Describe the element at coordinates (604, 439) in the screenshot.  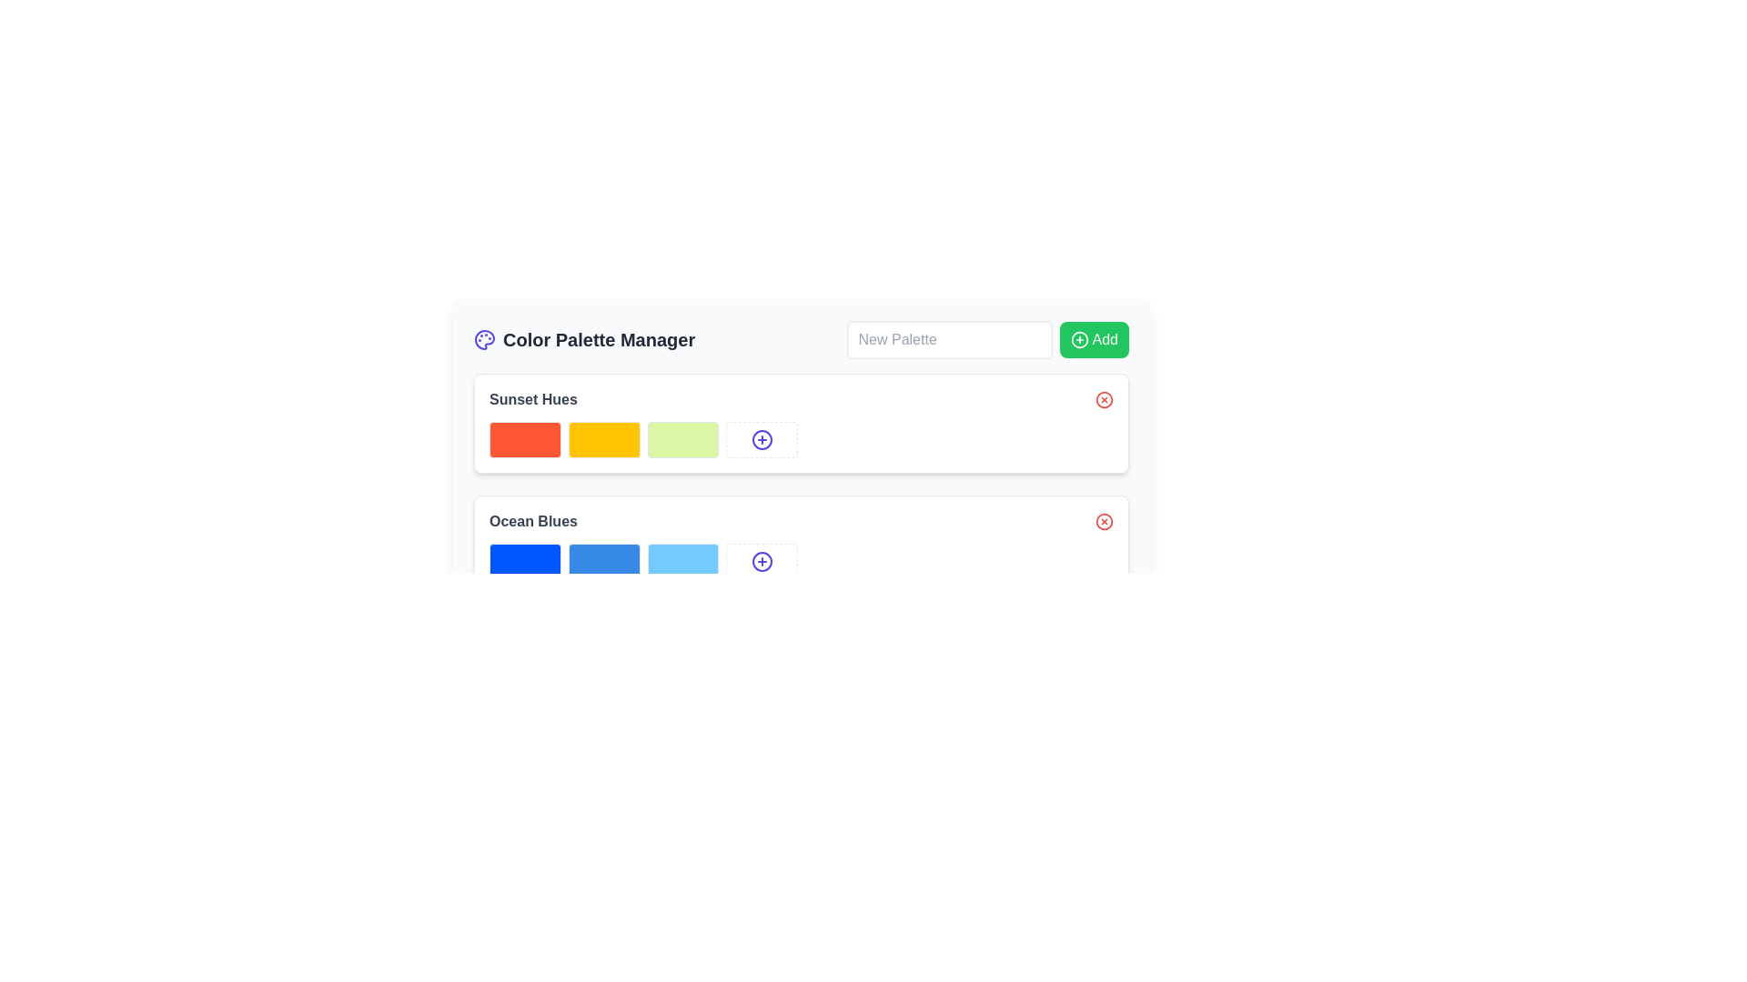
I see `the bright yellow Color Swatch, which is the second item in the 'Sunset Hues' section of the color palette manager interface` at that location.